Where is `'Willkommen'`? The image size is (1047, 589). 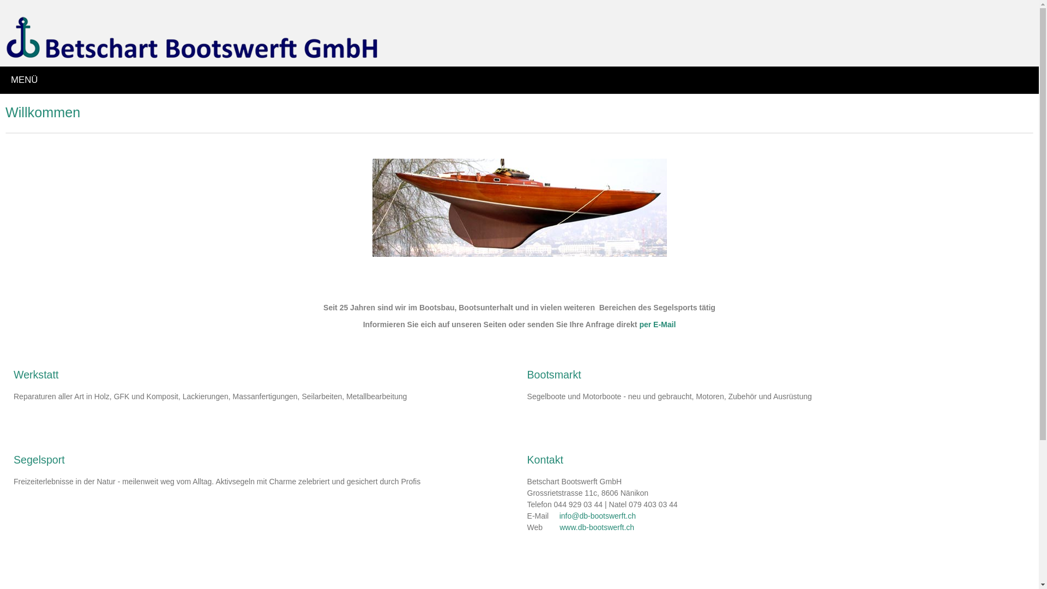 'Willkommen' is located at coordinates (5, 112).